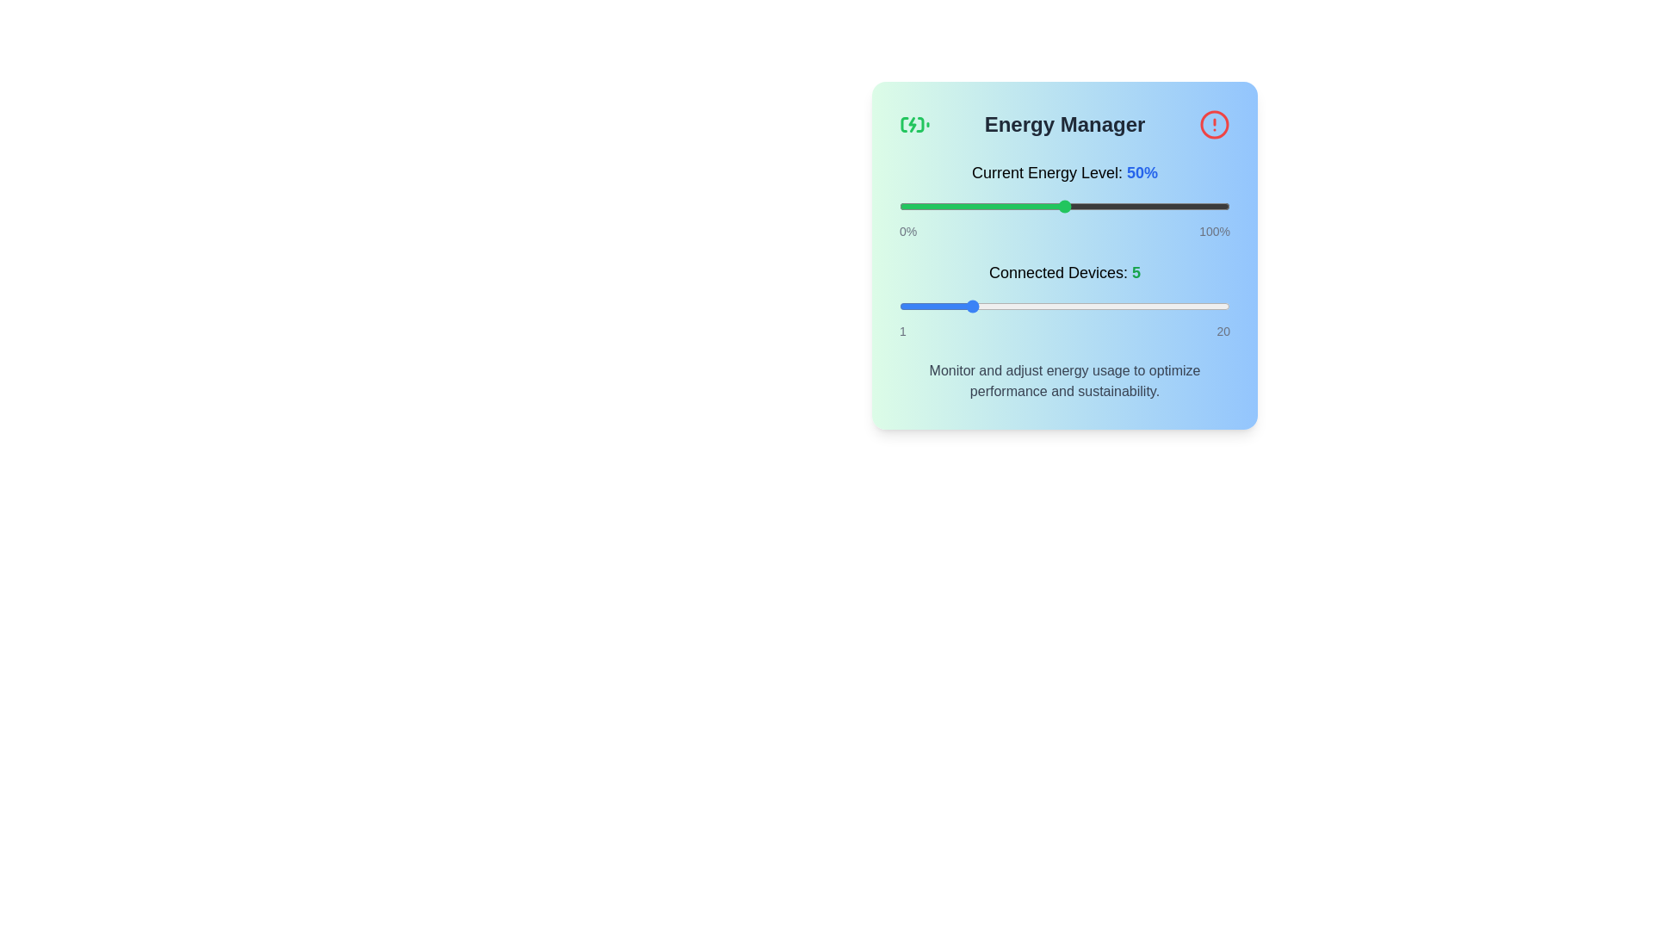 The image size is (1653, 930). Describe the element at coordinates (1214, 124) in the screenshot. I see `the header icon identified by alert_icon` at that location.